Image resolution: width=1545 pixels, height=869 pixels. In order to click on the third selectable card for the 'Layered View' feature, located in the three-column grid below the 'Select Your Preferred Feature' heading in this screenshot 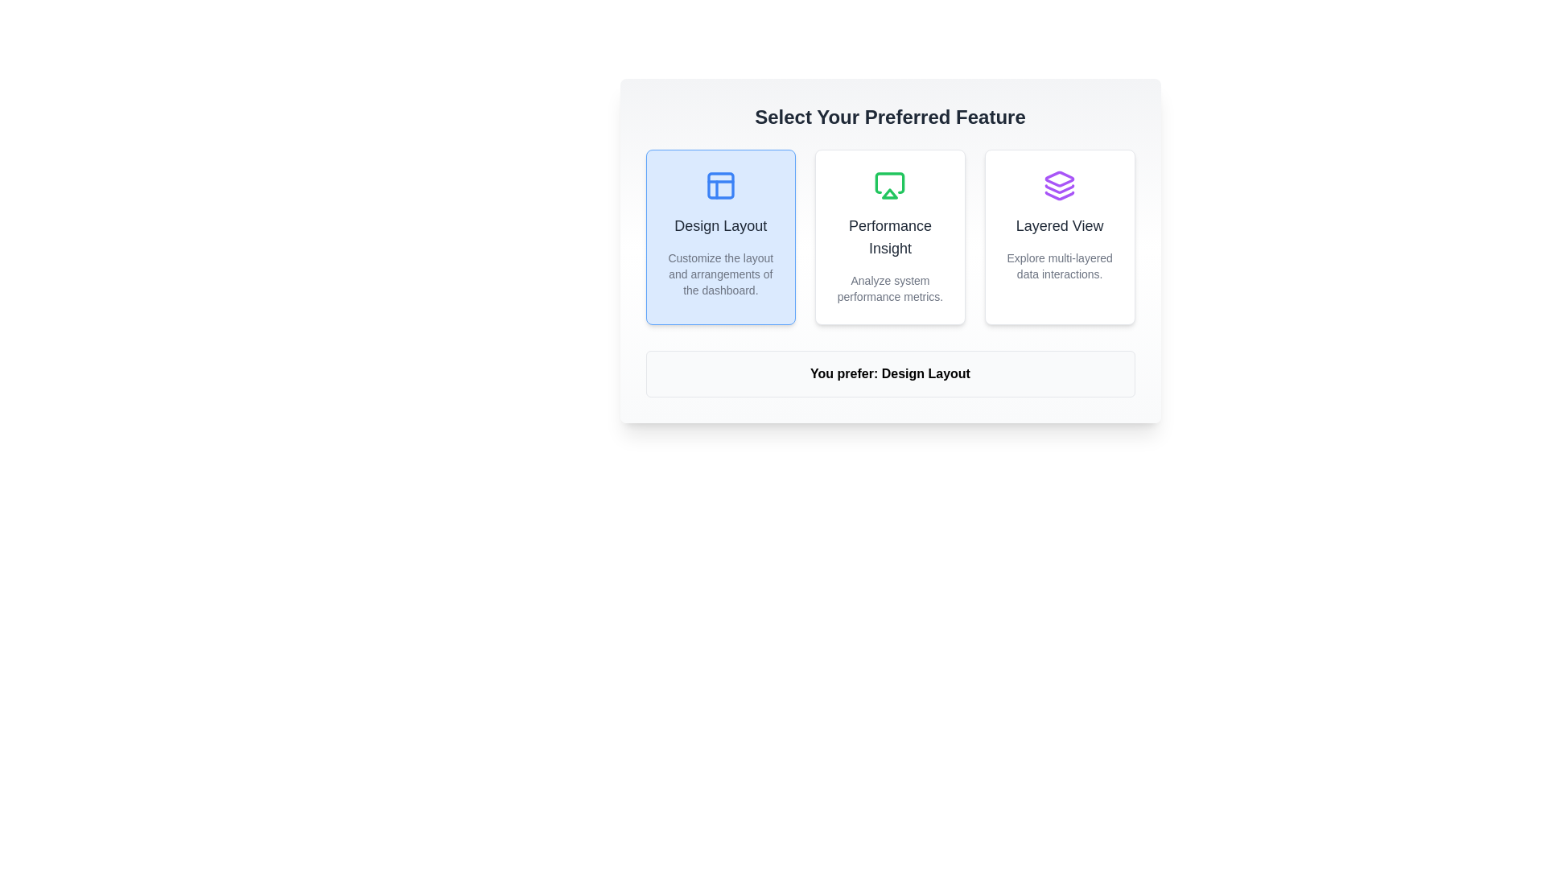, I will do `click(1059, 237)`.